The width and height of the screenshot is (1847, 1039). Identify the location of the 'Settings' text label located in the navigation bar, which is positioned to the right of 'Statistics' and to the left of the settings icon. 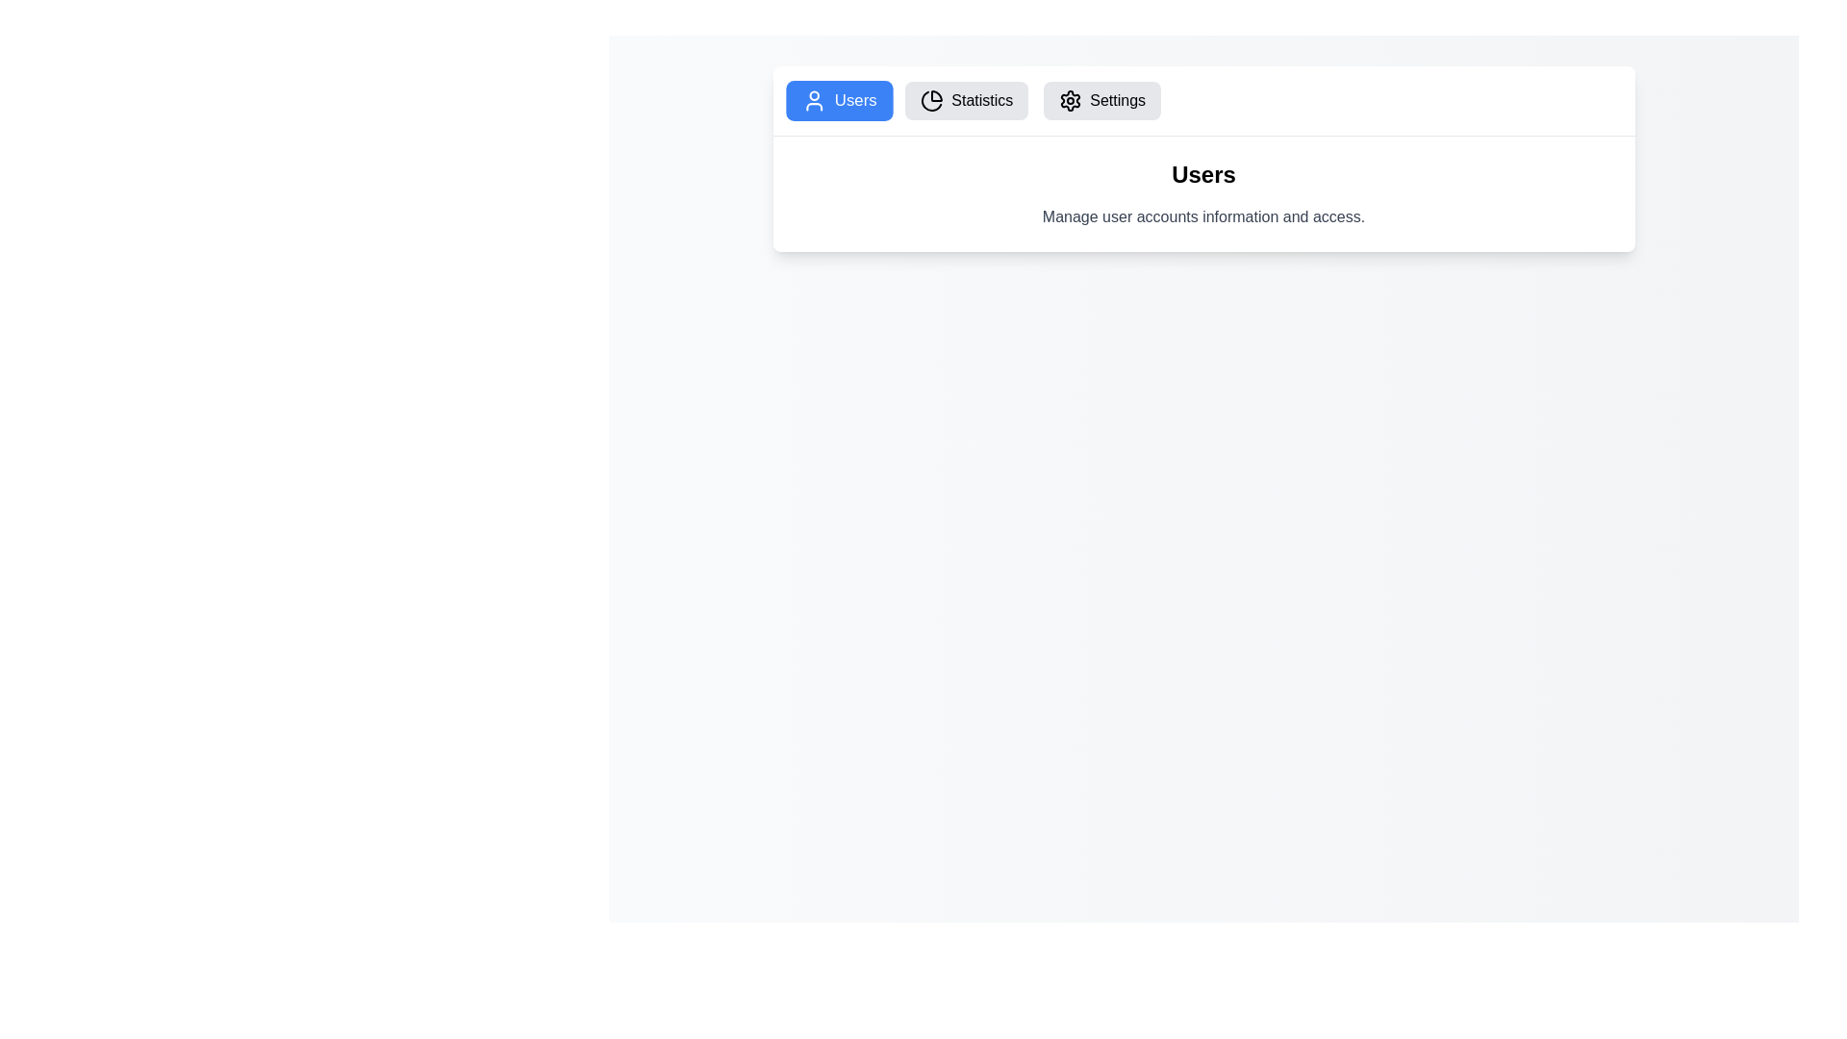
(1118, 100).